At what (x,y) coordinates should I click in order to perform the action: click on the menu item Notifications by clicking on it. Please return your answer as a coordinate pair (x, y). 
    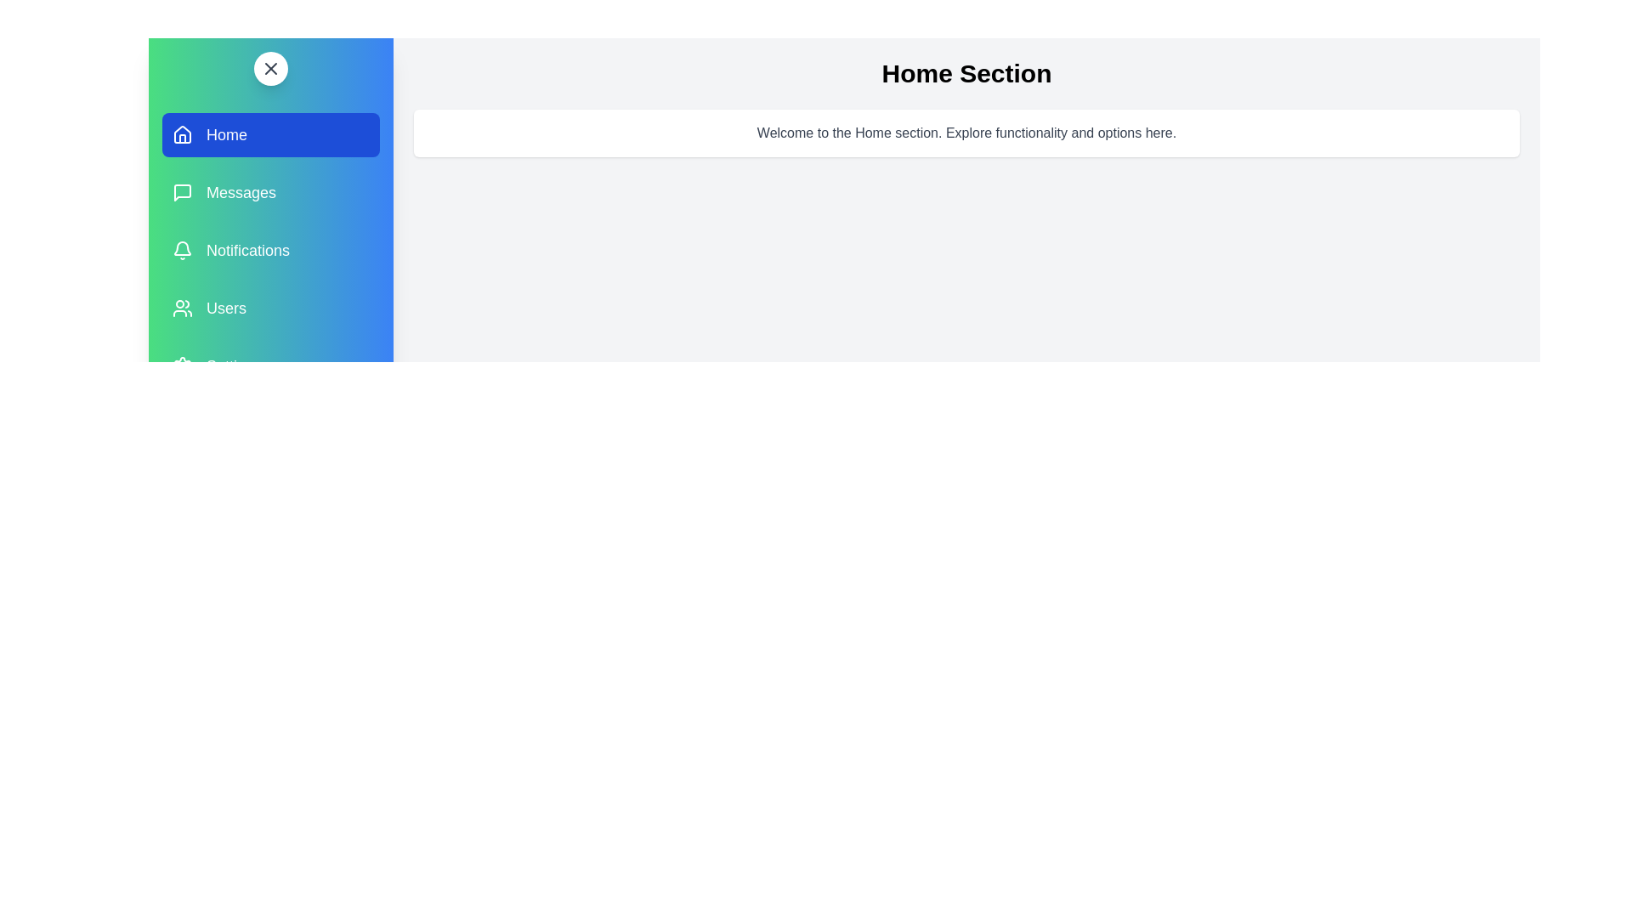
    Looking at the image, I should click on (269, 250).